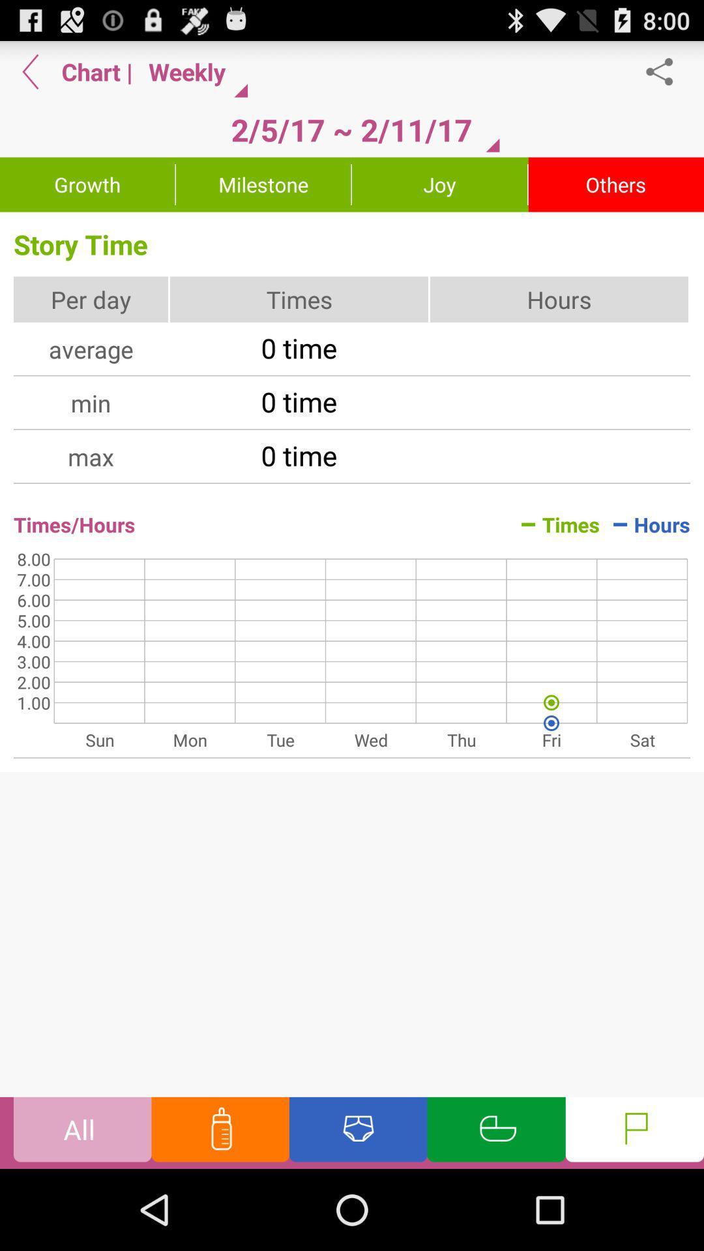 This screenshot has height=1251, width=704. What do you see at coordinates (30, 71) in the screenshot?
I see `app next to chart app` at bounding box center [30, 71].